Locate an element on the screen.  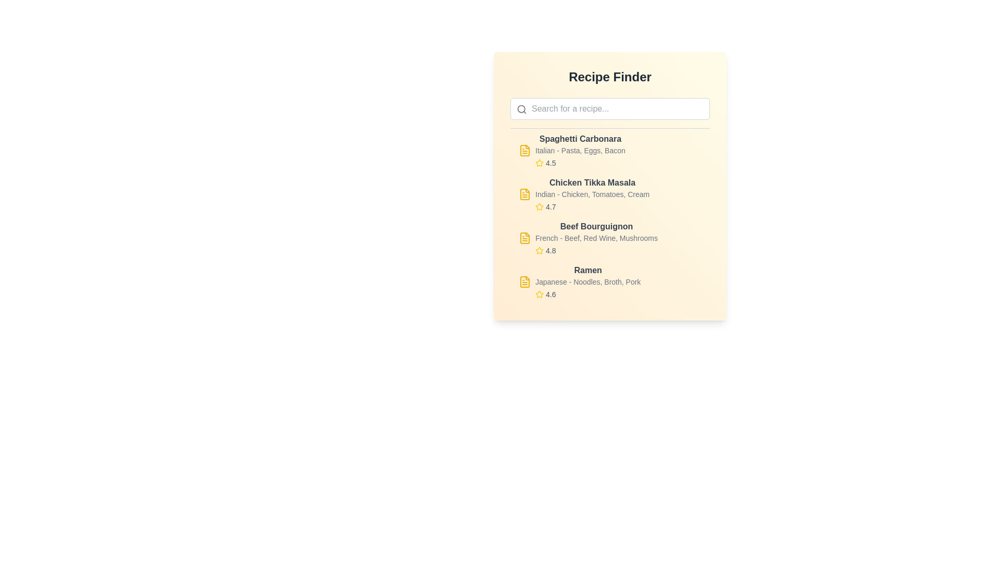
the text block with the icon and rating for the 'Beef Bourguignon' recipe to emphasize it among other displayed recipes is located at coordinates (596, 238).